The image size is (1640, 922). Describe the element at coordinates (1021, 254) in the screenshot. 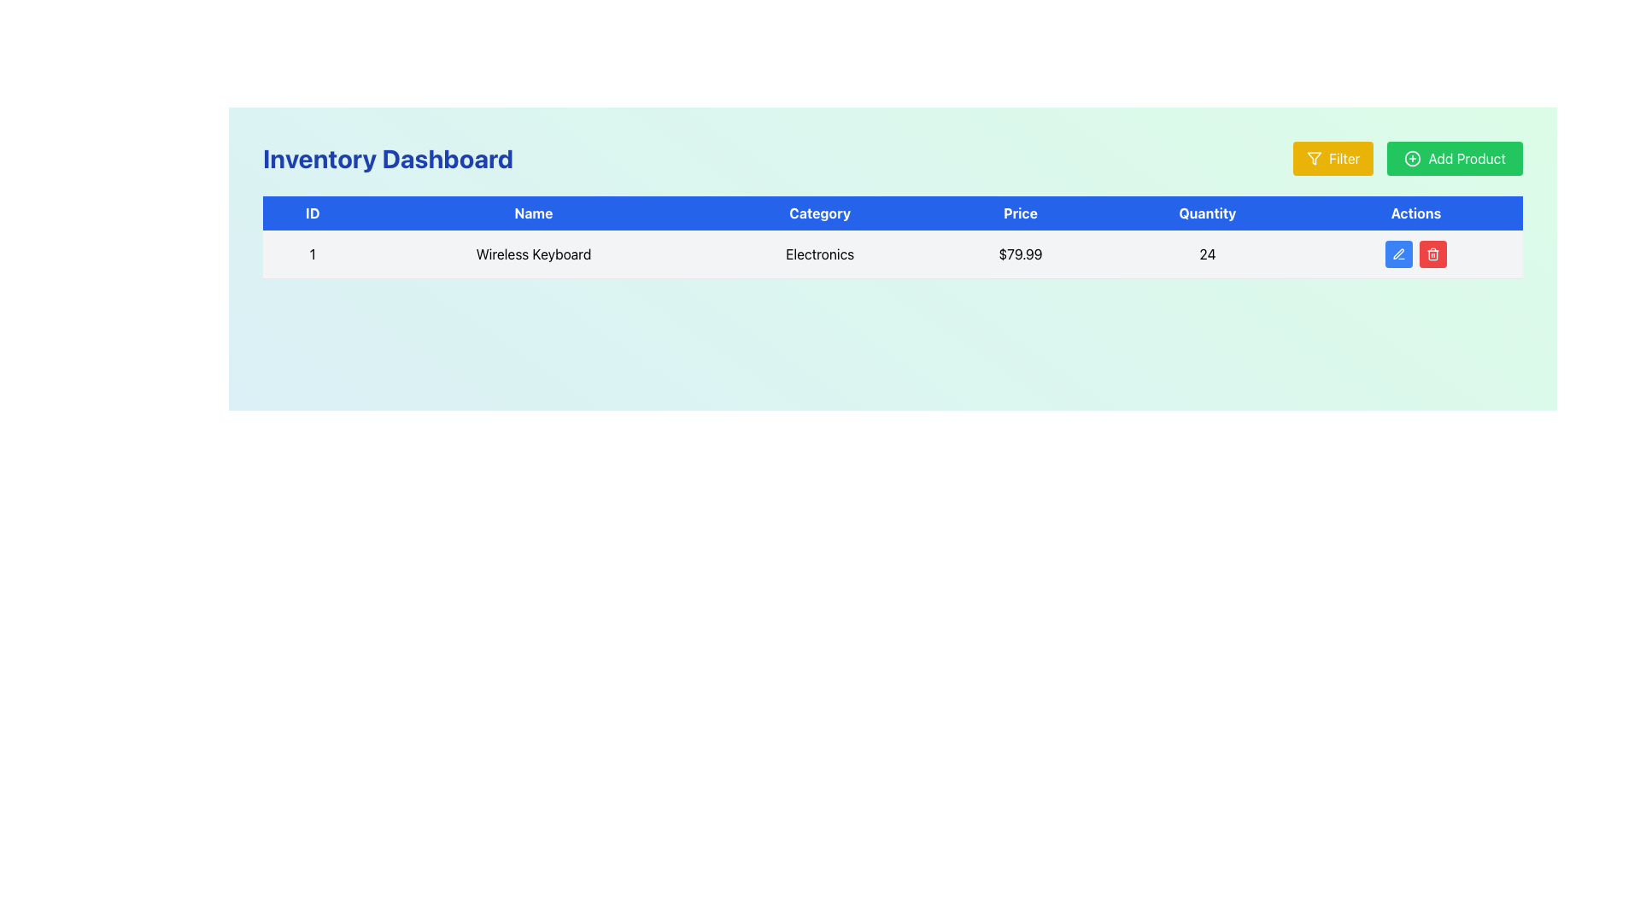

I see `the text displaying the price '$79.99' located in the 'Price' column of the row for the product 'Wireless Keyboard'` at that location.